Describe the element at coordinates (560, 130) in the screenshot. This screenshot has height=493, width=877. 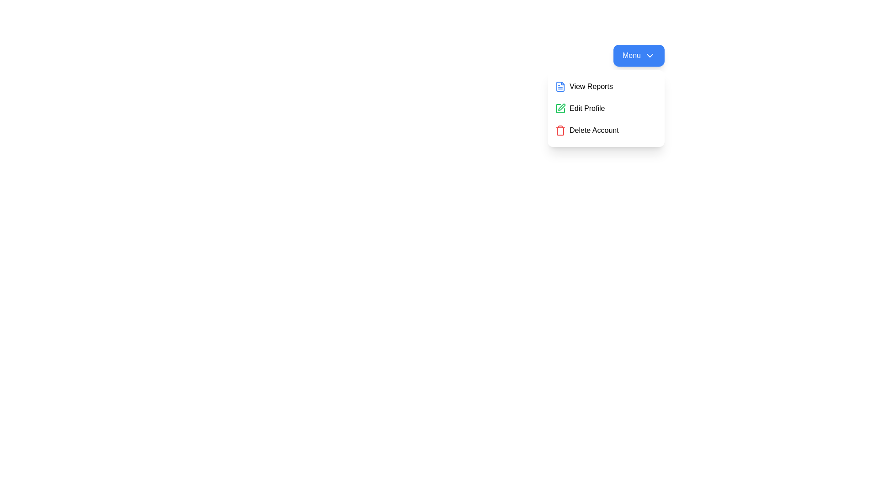
I see `the icon corresponding to the menu option Delete Account` at that location.